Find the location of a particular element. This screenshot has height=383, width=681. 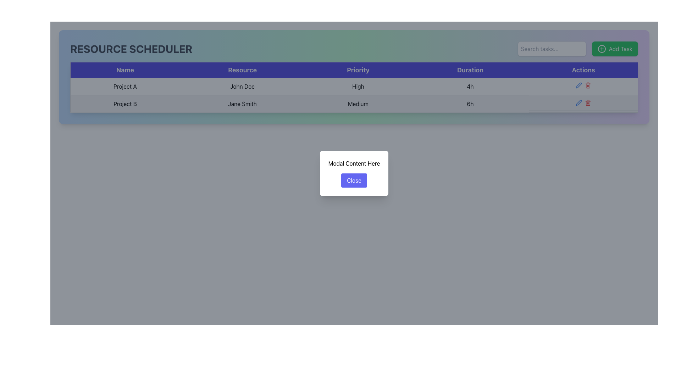

the pen-shaped icon with a thin blue outline in the 'Actions' column of the second row is located at coordinates (579, 85).